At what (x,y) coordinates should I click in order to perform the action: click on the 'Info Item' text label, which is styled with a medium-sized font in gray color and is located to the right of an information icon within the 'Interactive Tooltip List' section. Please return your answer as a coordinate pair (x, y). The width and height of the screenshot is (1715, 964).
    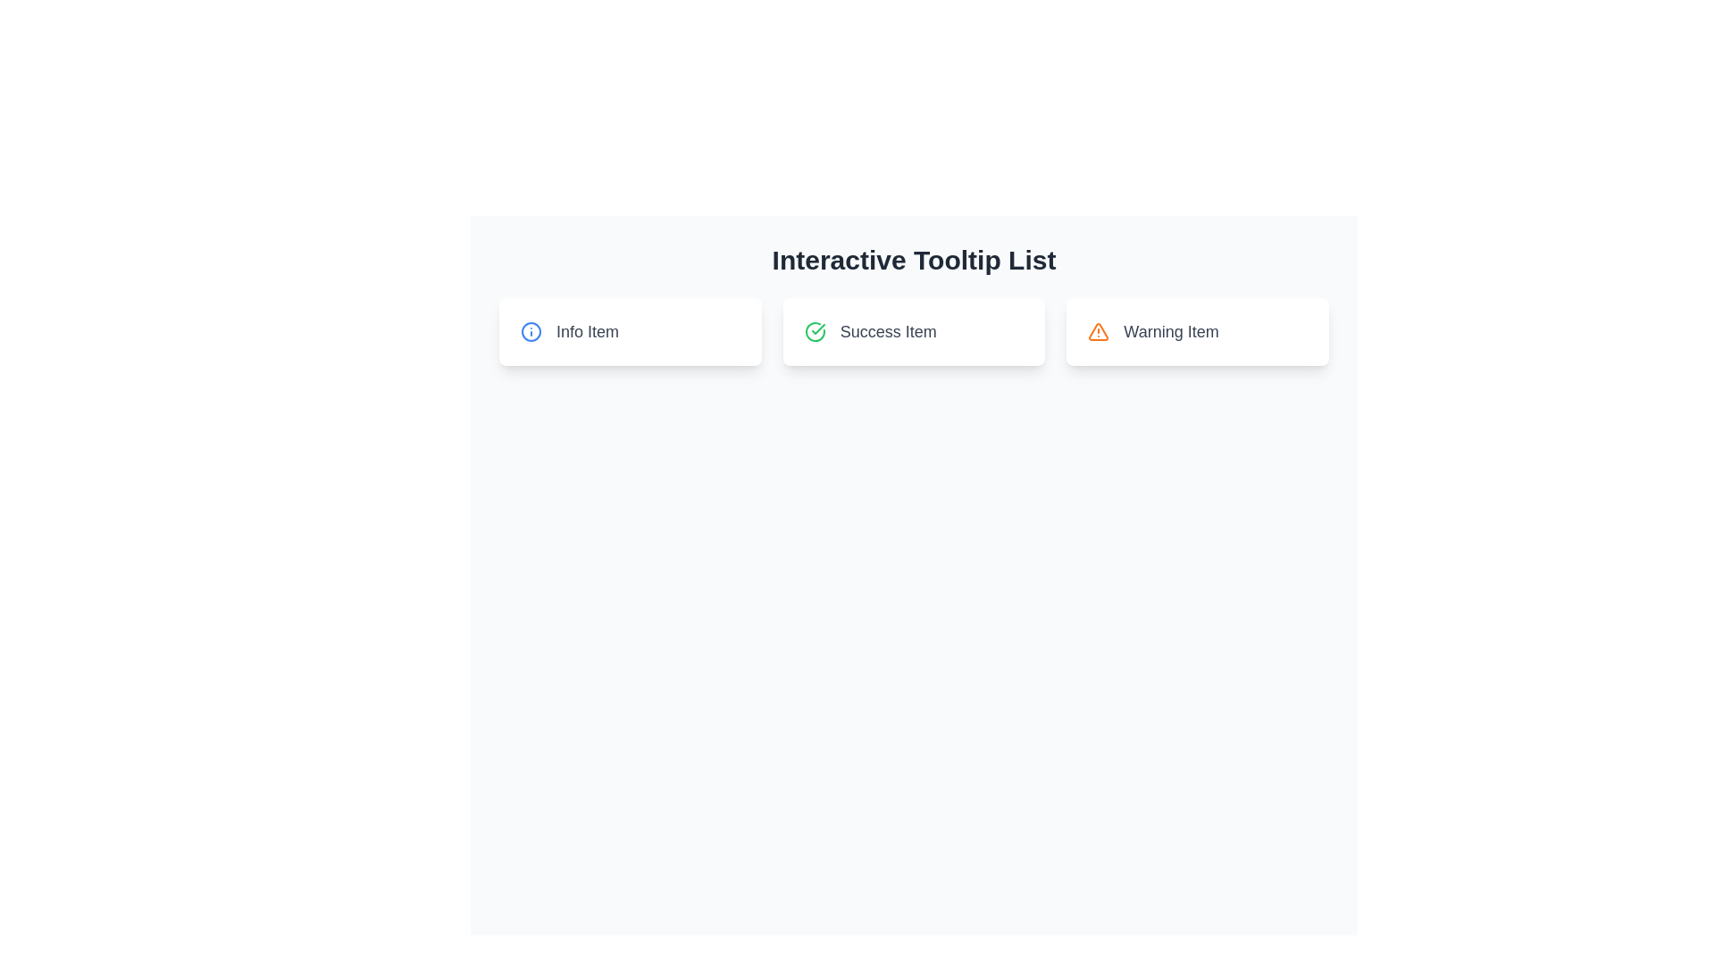
    Looking at the image, I should click on (587, 331).